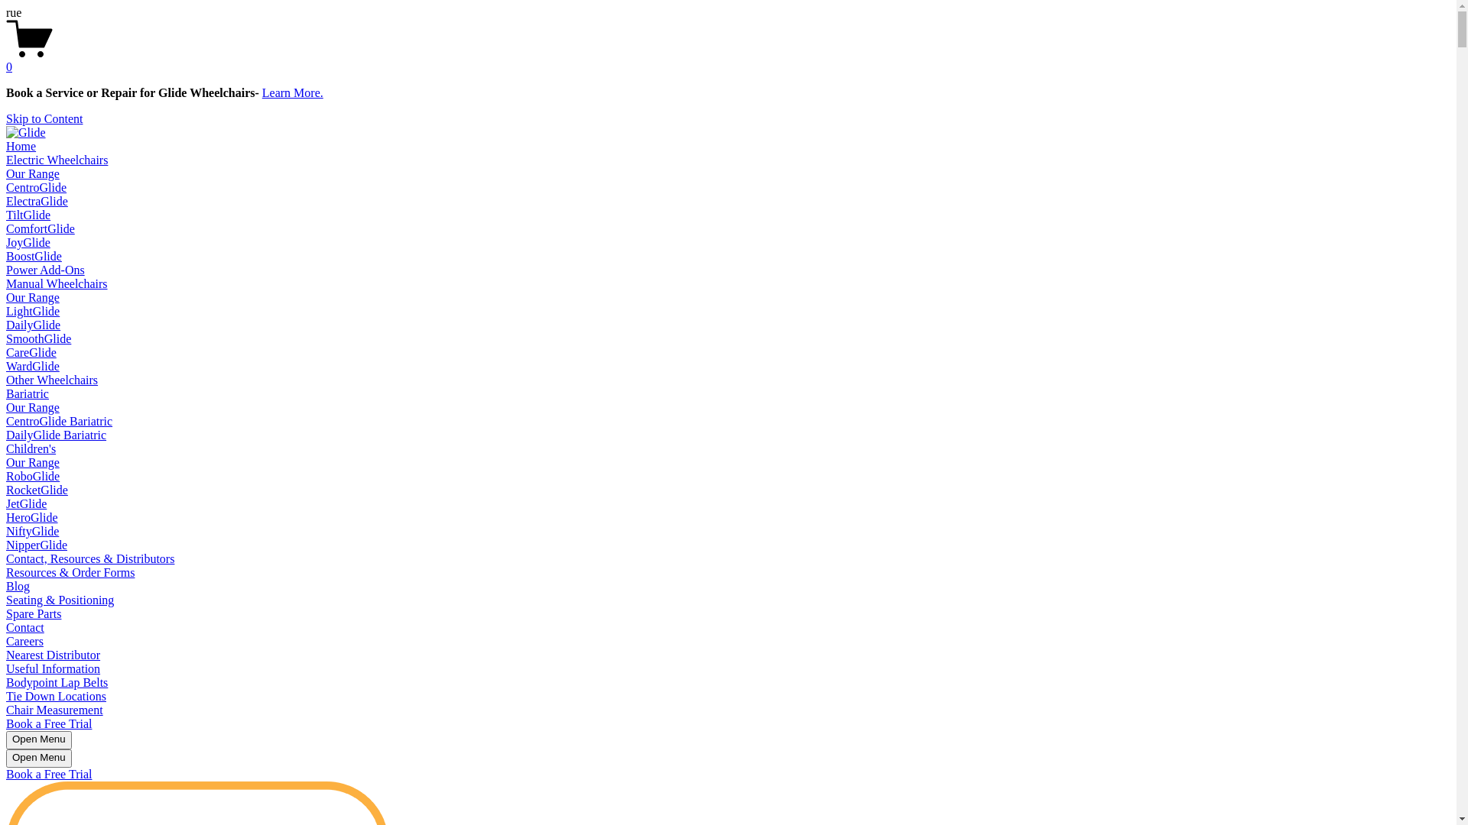  What do you see at coordinates (48, 774) in the screenshot?
I see `'Book a Free Trial'` at bounding box center [48, 774].